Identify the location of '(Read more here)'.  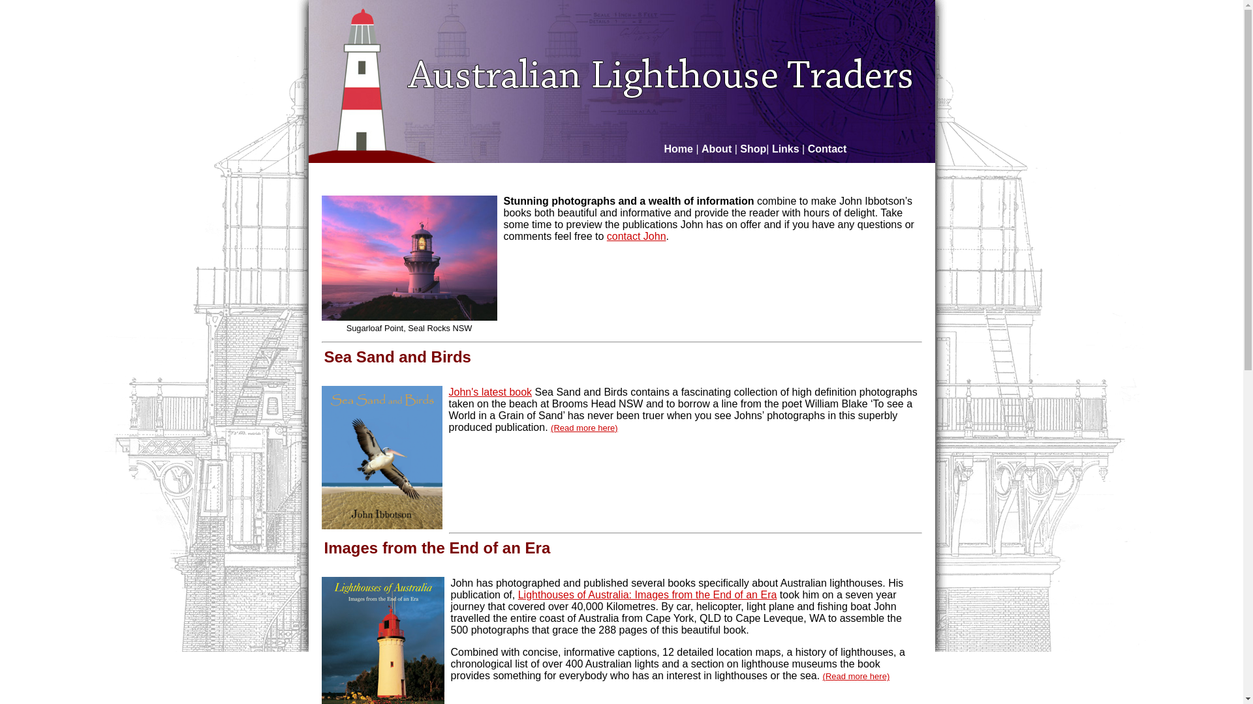
(856, 675).